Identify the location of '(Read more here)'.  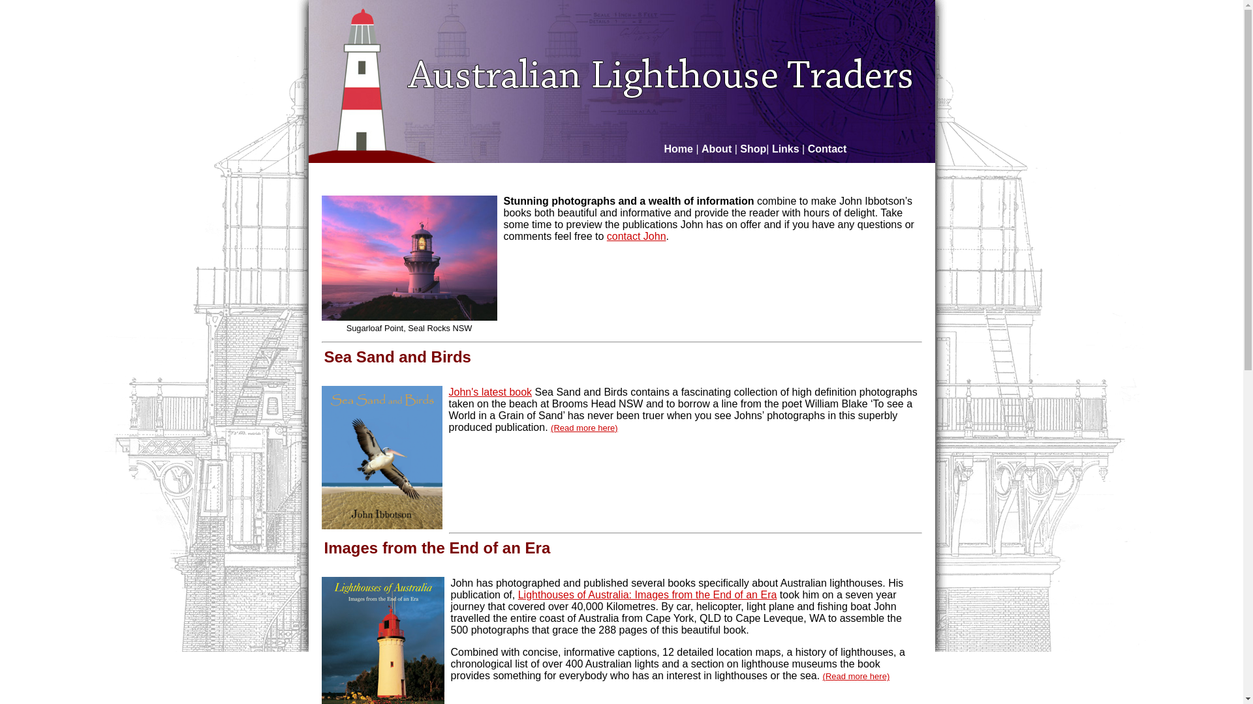
(856, 675).